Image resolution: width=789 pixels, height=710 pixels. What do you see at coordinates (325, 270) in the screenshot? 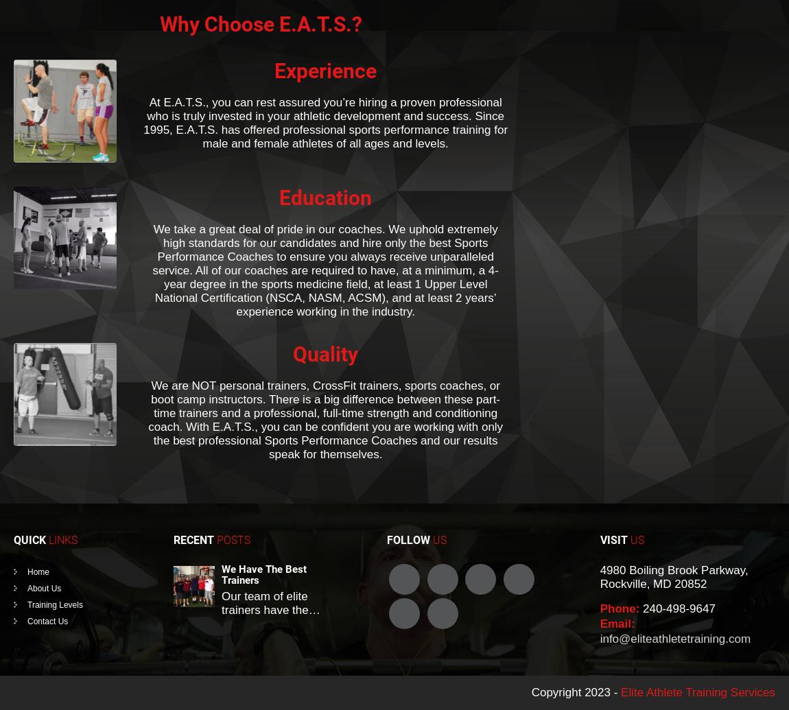
I see `'We take a great deal of pride in our coaches. We uphold extremely high standards for our candidates and hire only the best Sports Performance Coaches to ensure you always receive unparalleled service. All of our coaches are required to have, at a minimum, a 4-year degree in the sports medicine field, at least 1 Upper Level National Certification (NSCA, NASM, ACSM), and at least 2 years’ experience working in the industry.'` at bounding box center [325, 270].